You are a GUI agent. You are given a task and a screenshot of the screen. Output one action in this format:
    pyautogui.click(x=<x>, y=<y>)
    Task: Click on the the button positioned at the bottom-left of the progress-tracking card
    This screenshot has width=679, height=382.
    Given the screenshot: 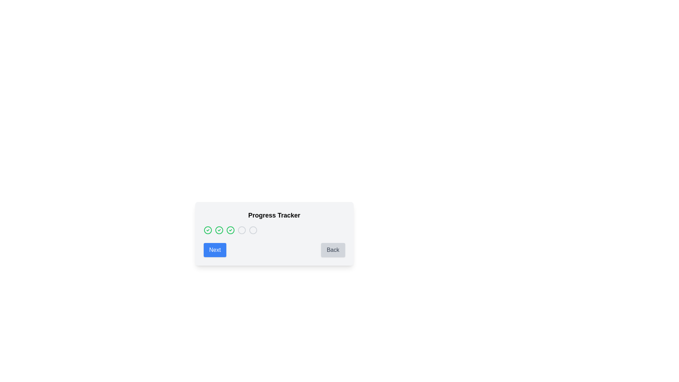 What is the action you would take?
    pyautogui.click(x=214, y=249)
    